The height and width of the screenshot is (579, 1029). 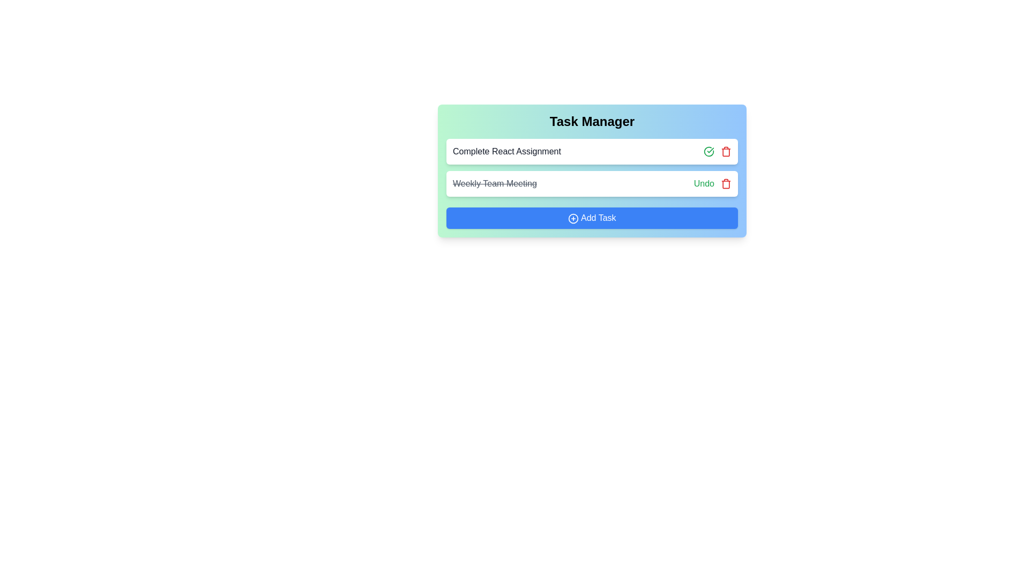 I want to click on the delete button for the task 'Weekly Team Meeting', so click(x=726, y=183).